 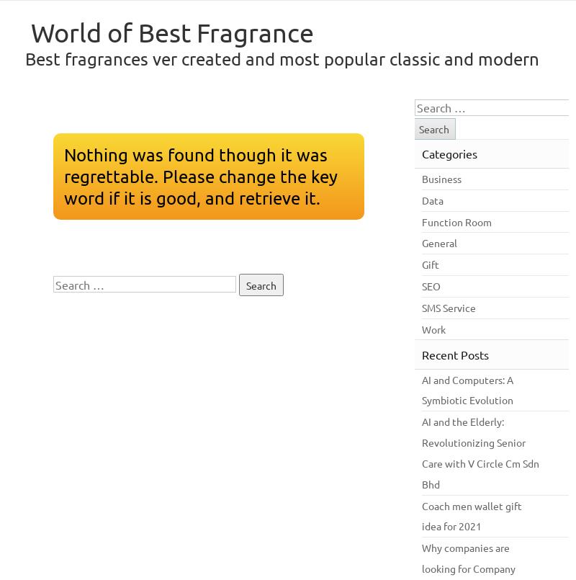 I want to click on 'I and', so click(x=440, y=378).